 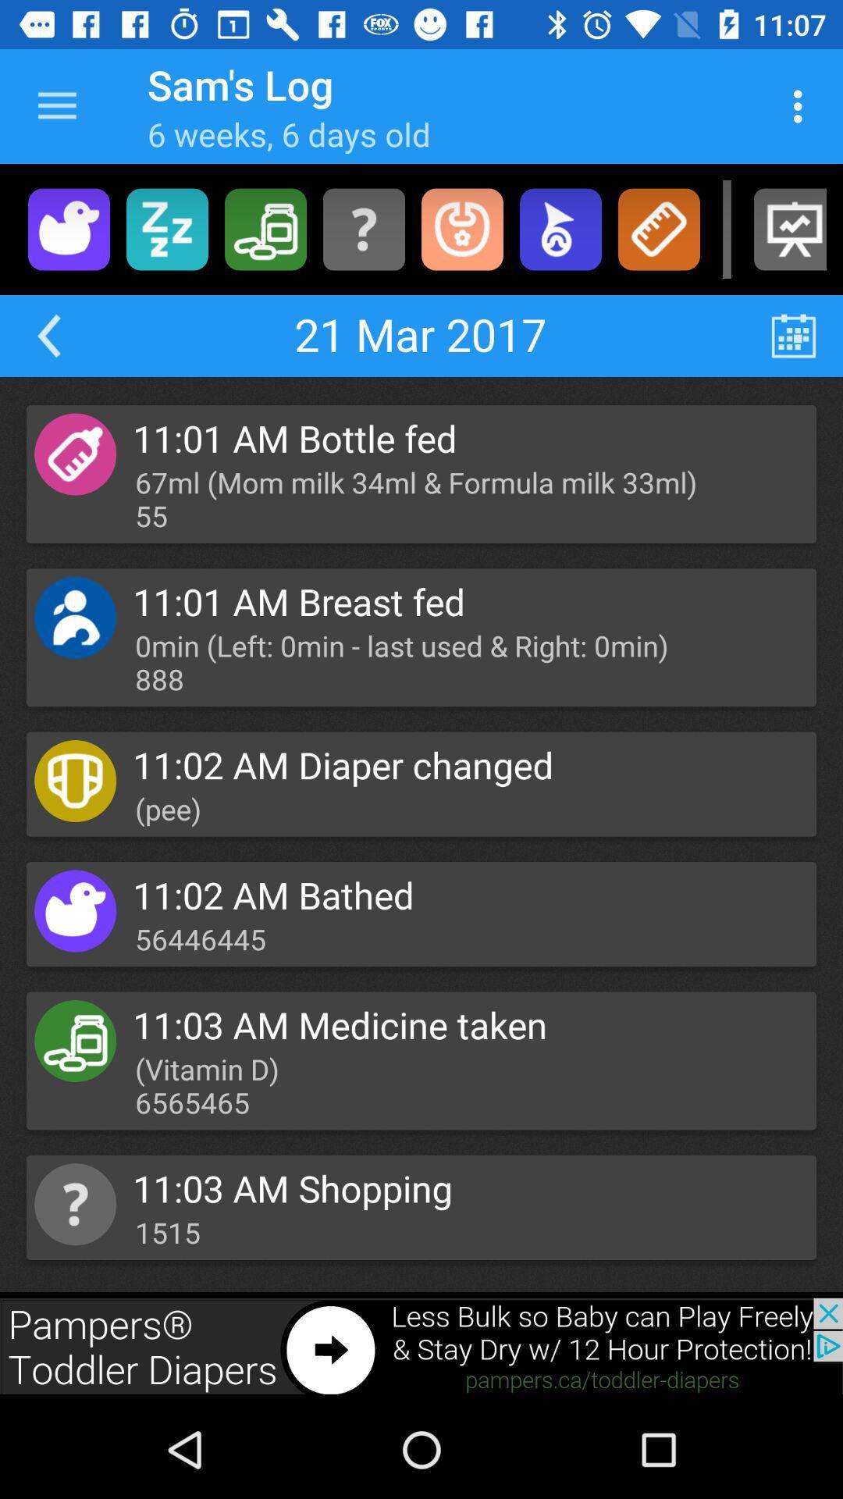 I want to click on ask a question, so click(x=364, y=228).